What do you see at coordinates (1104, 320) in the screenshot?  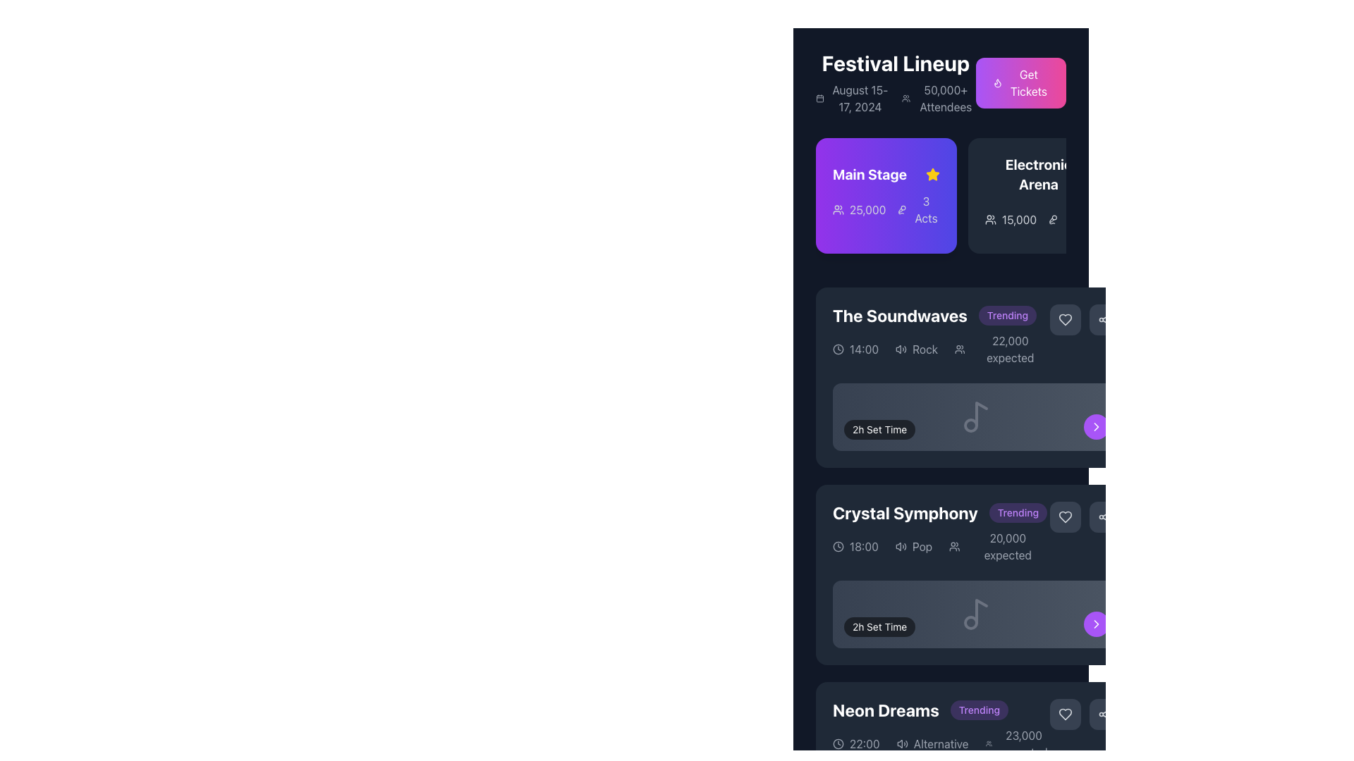 I see `the share button located to the right of 'The Soundwaves' section, which is the second button in the horizontal alignment of buttons` at bounding box center [1104, 320].